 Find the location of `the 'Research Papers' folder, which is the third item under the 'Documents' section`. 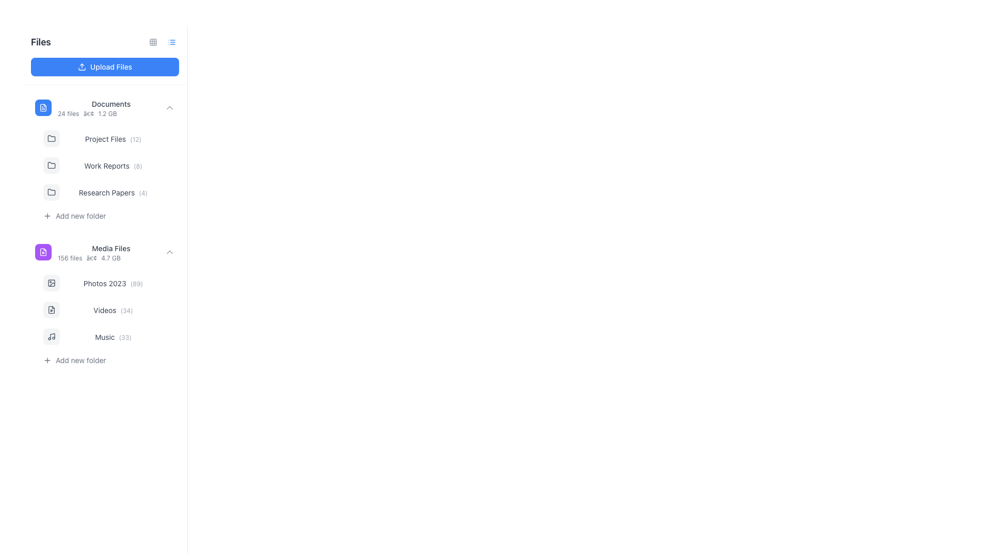

the 'Research Papers' folder, which is the third item under the 'Documents' section is located at coordinates (109, 192).